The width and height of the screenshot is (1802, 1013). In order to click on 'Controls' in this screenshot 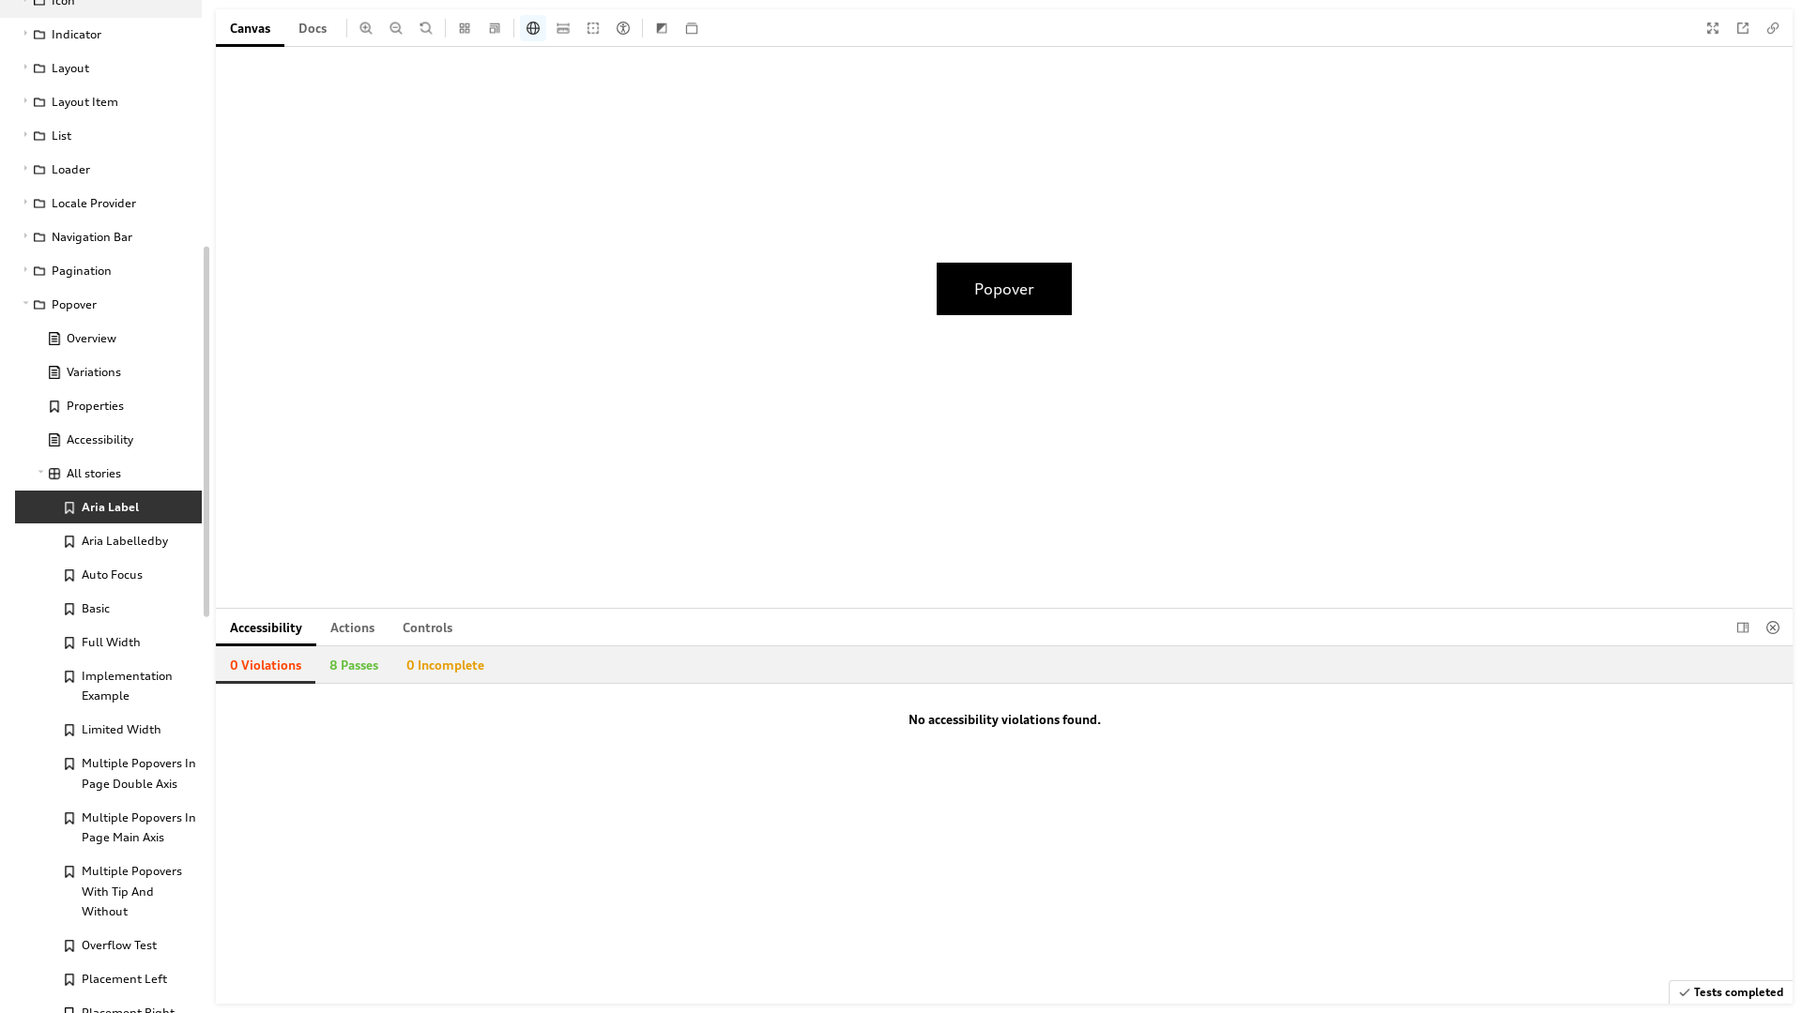, I will do `click(387, 627)`.